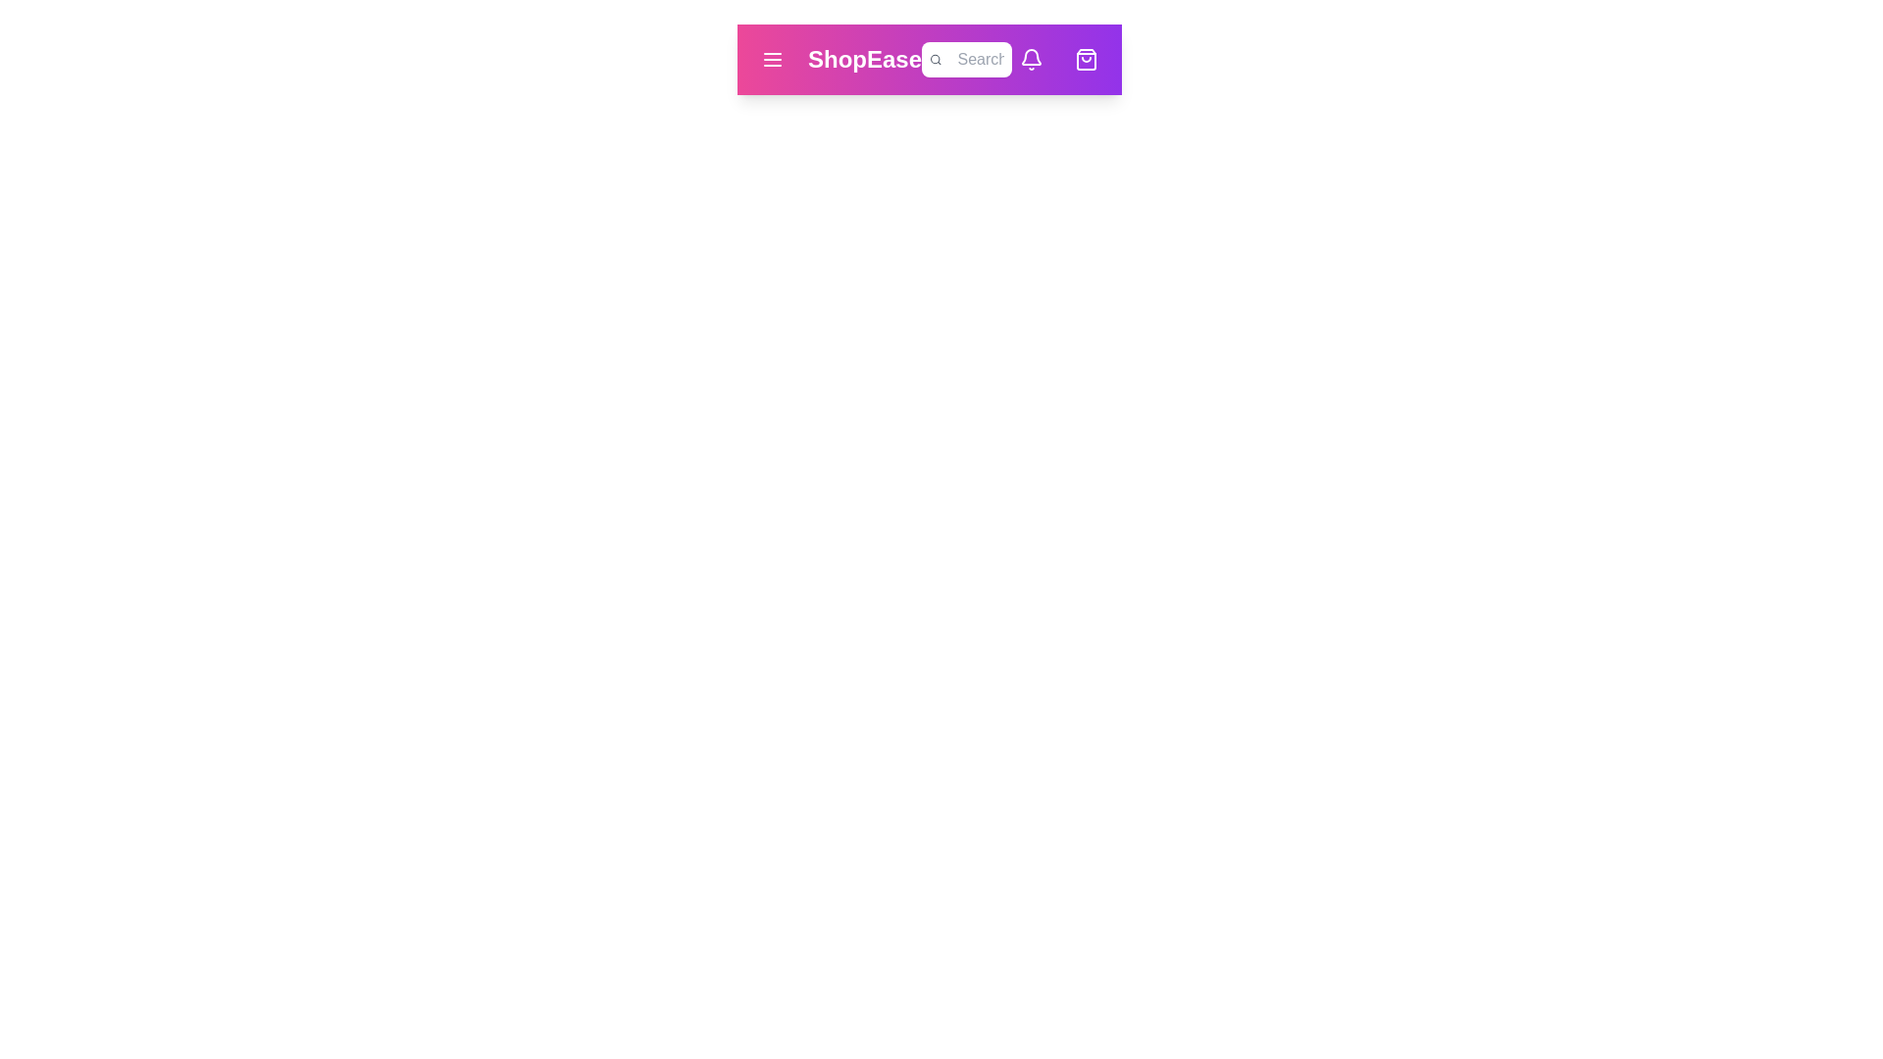  Describe the element at coordinates (864, 59) in the screenshot. I see `the brand name 'ShopEase' to return to the homepage` at that location.